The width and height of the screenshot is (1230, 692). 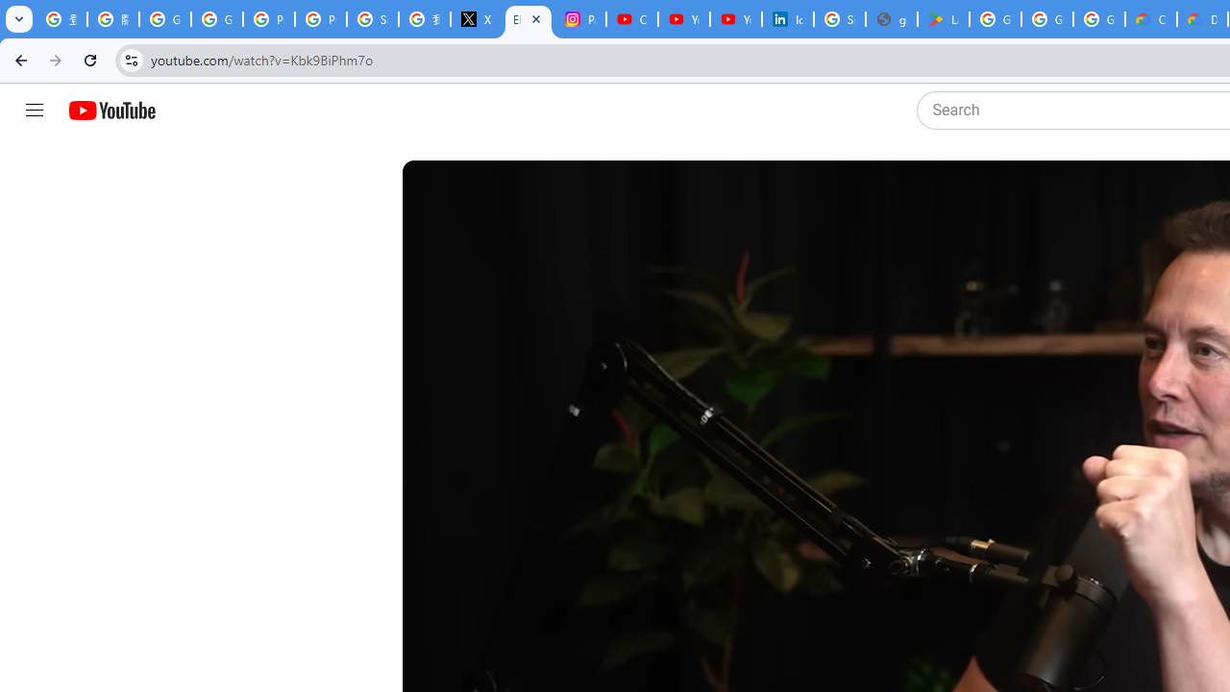 I want to click on 'Last Shelter: Survival - Apps on Google Play', so click(x=943, y=19).